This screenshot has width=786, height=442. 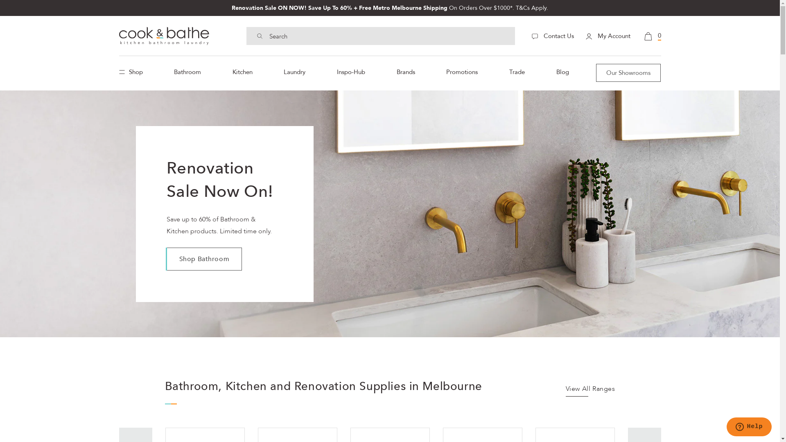 What do you see at coordinates (294, 72) in the screenshot?
I see `'Laundry'` at bounding box center [294, 72].